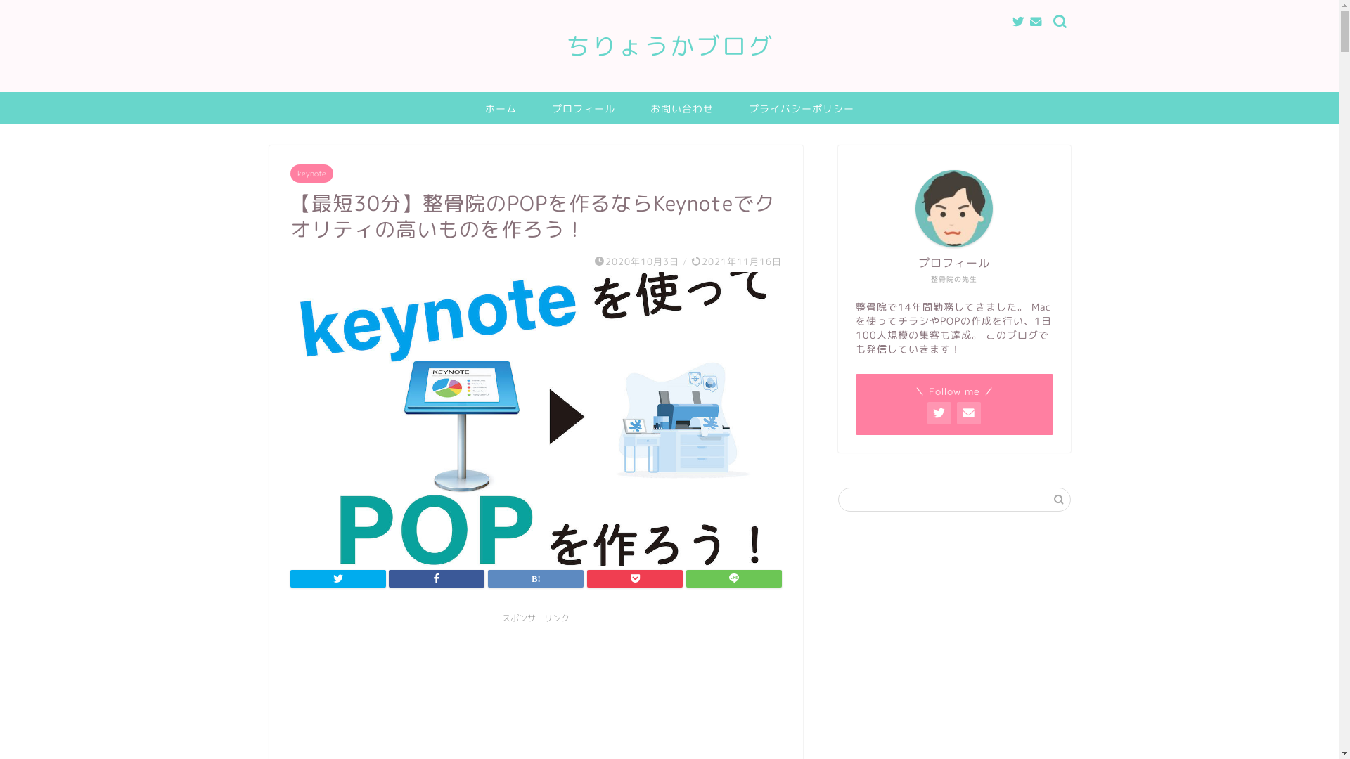  I want to click on 'keynote', so click(310, 172).